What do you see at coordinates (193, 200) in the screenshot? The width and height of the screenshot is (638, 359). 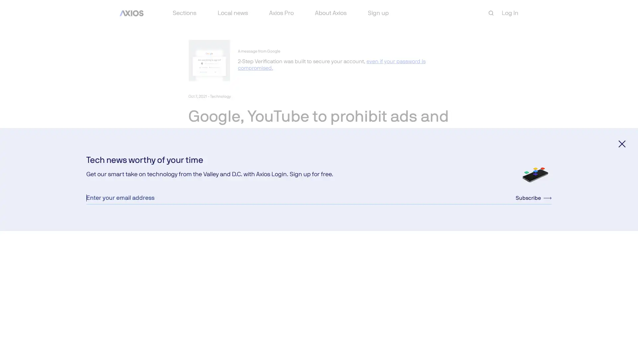 I see `facebook` at bounding box center [193, 200].